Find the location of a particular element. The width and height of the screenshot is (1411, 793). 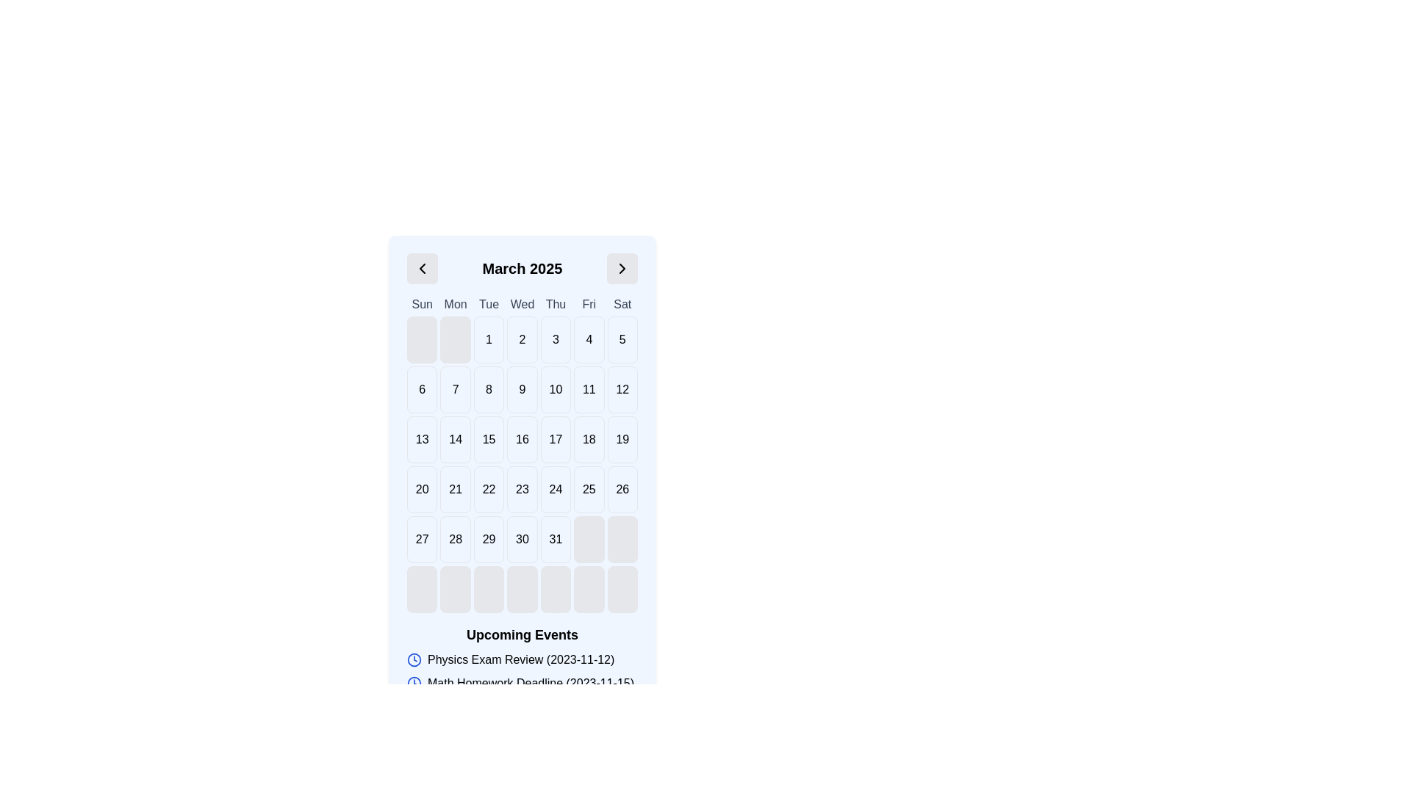

the button representing the date '2' in the calendar interface, located in the second column of the first row under the 'Wed' header is located at coordinates (522, 339).